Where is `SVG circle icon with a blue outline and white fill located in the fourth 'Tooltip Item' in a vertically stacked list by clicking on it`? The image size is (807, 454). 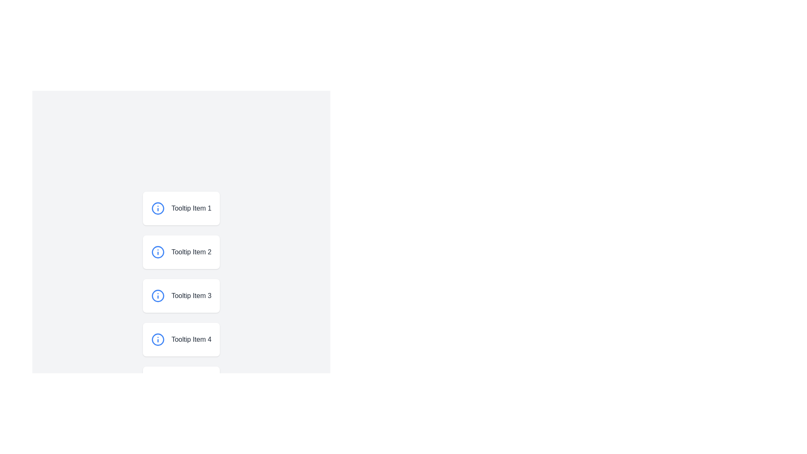
SVG circle icon with a blue outline and white fill located in the fourth 'Tooltip Item' in a vertically stacked list by clicking on it is located at coordinates (158, 339).